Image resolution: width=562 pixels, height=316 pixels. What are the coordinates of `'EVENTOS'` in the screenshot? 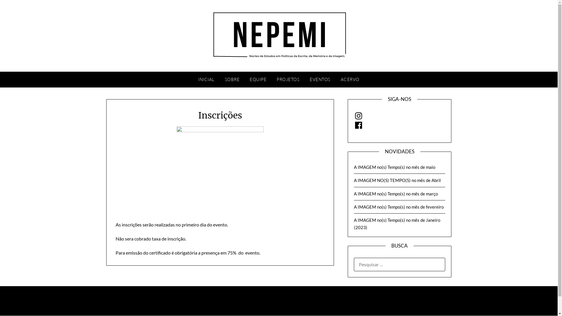 It's located at (320, 80).